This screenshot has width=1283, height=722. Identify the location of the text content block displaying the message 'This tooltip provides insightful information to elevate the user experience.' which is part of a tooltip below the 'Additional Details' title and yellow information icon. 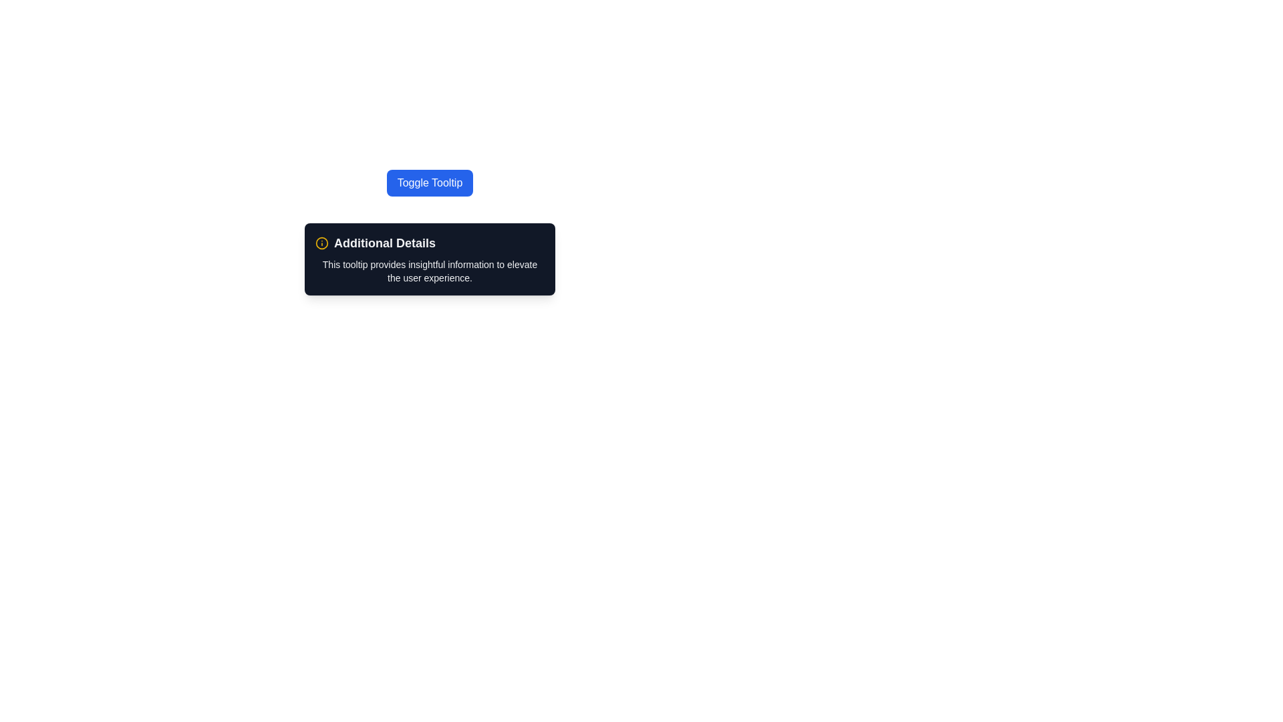
(430, 271).